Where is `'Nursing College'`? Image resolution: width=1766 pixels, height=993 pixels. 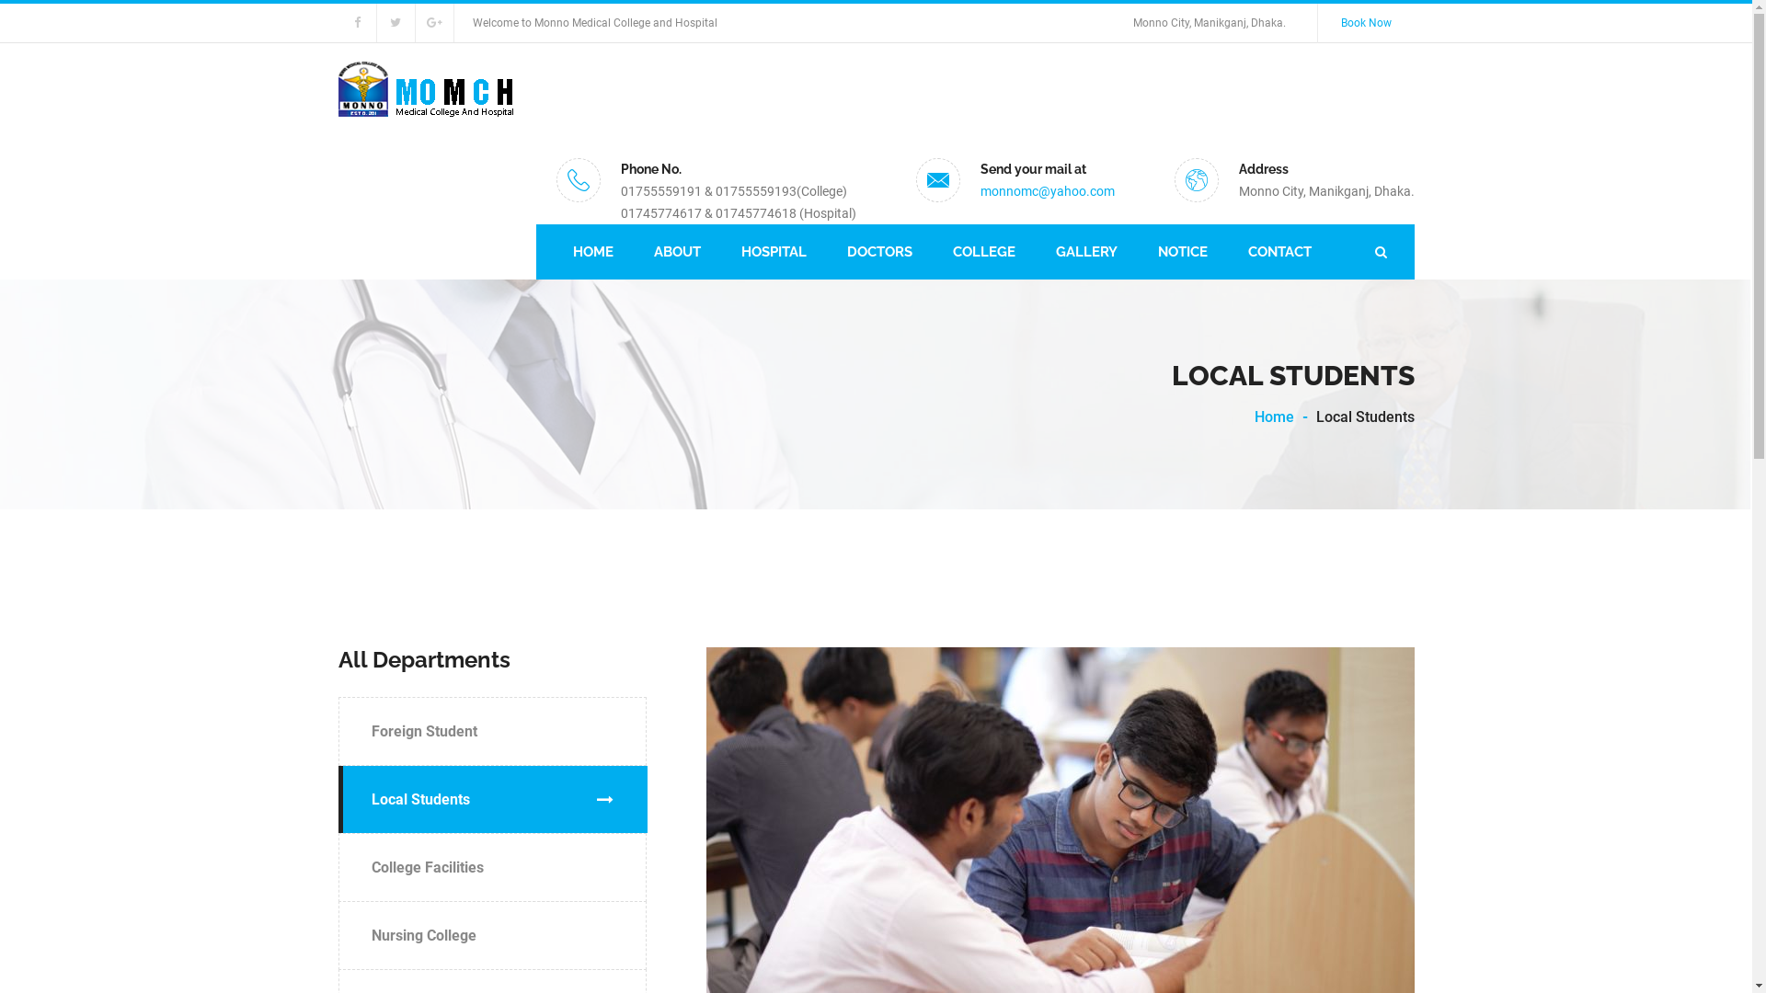 'Nursing College' is located at coordinates (492, 935).